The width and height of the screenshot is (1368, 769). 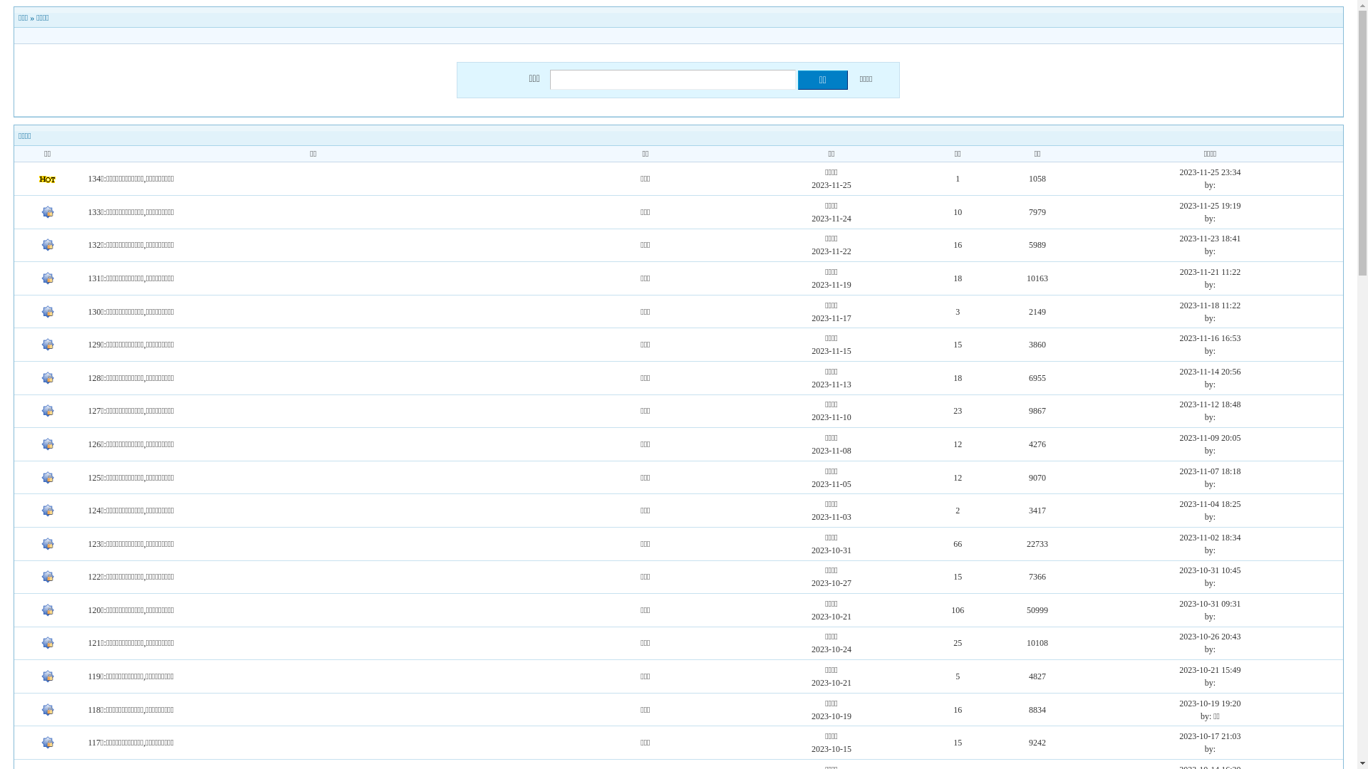 I want to click on '2023-11-07 18:18', so click(x=1210, y=471).